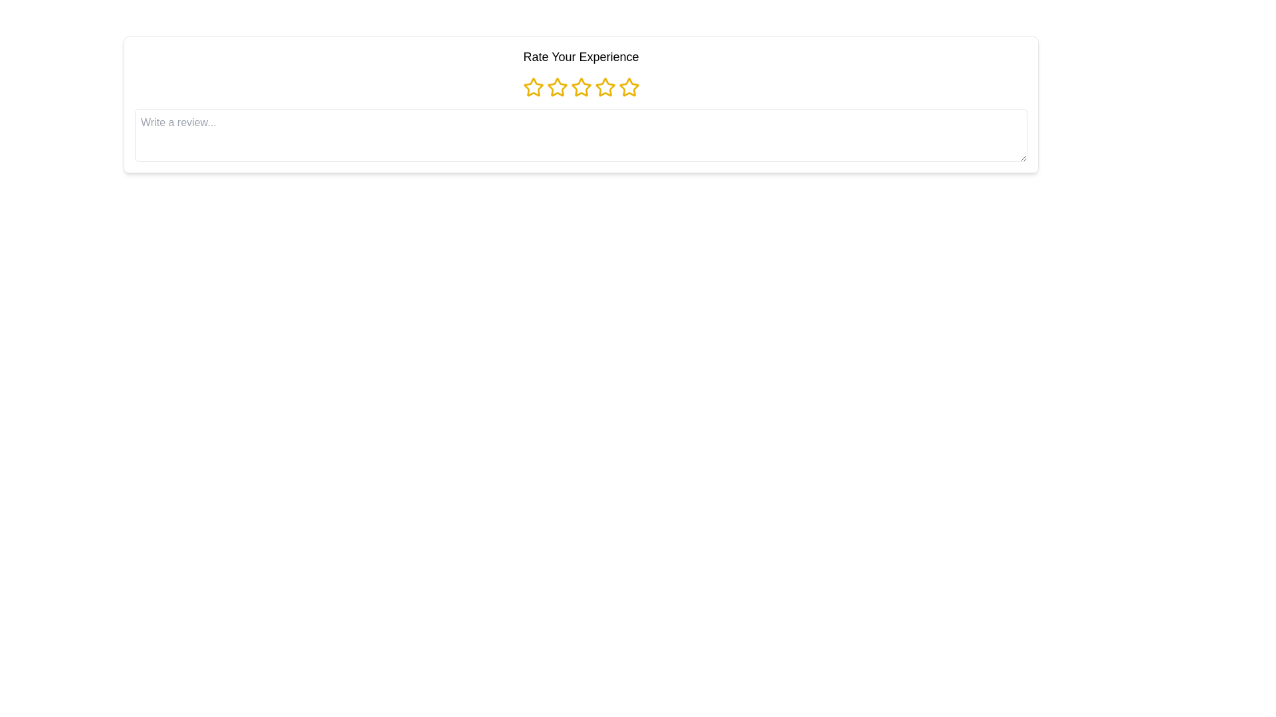  I want to click on the fourth star icon in the rating section beneath 'Rate Your Experience', so click(604, 87).